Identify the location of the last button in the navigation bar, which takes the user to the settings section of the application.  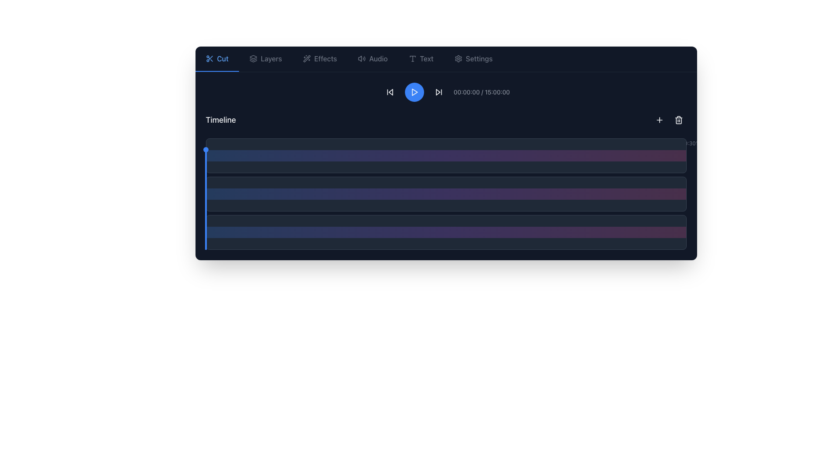
(472, 59).